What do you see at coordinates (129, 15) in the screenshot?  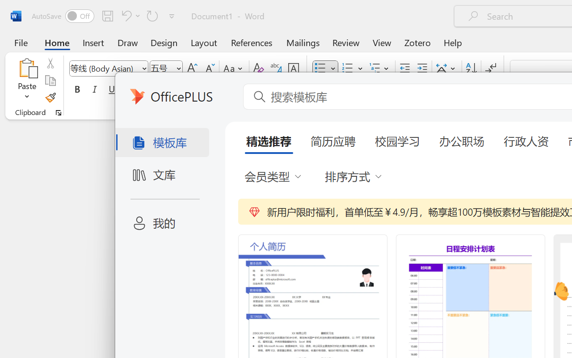 I see `'Undo Bullet Default'` at bounding box center [129, 15].